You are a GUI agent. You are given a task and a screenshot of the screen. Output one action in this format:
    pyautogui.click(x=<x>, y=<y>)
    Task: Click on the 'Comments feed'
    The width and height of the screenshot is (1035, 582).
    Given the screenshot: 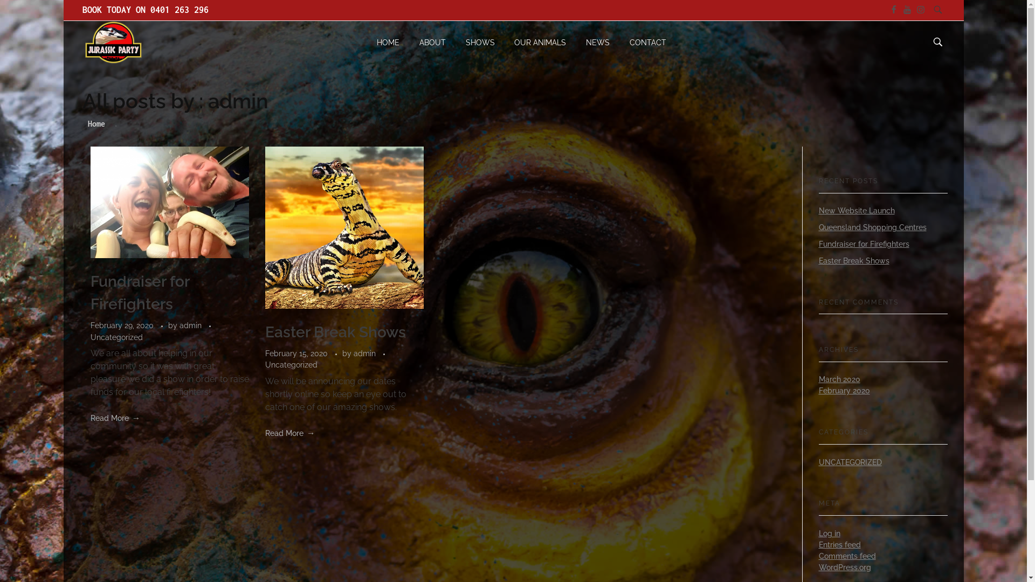 What is the action you would take?
    pyautogui.click(x=846, y=556)
    